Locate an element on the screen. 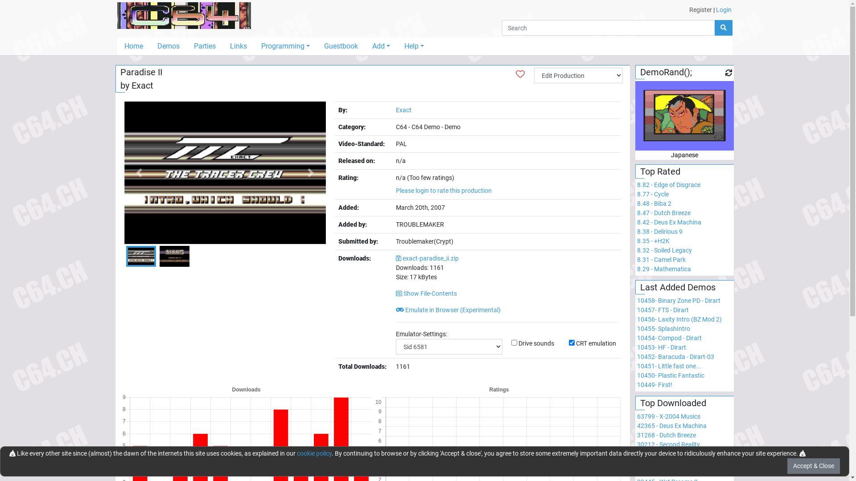 The image size is (856, 481). '63799 - X-2004 Musics' is located at coordinates (637, 416).